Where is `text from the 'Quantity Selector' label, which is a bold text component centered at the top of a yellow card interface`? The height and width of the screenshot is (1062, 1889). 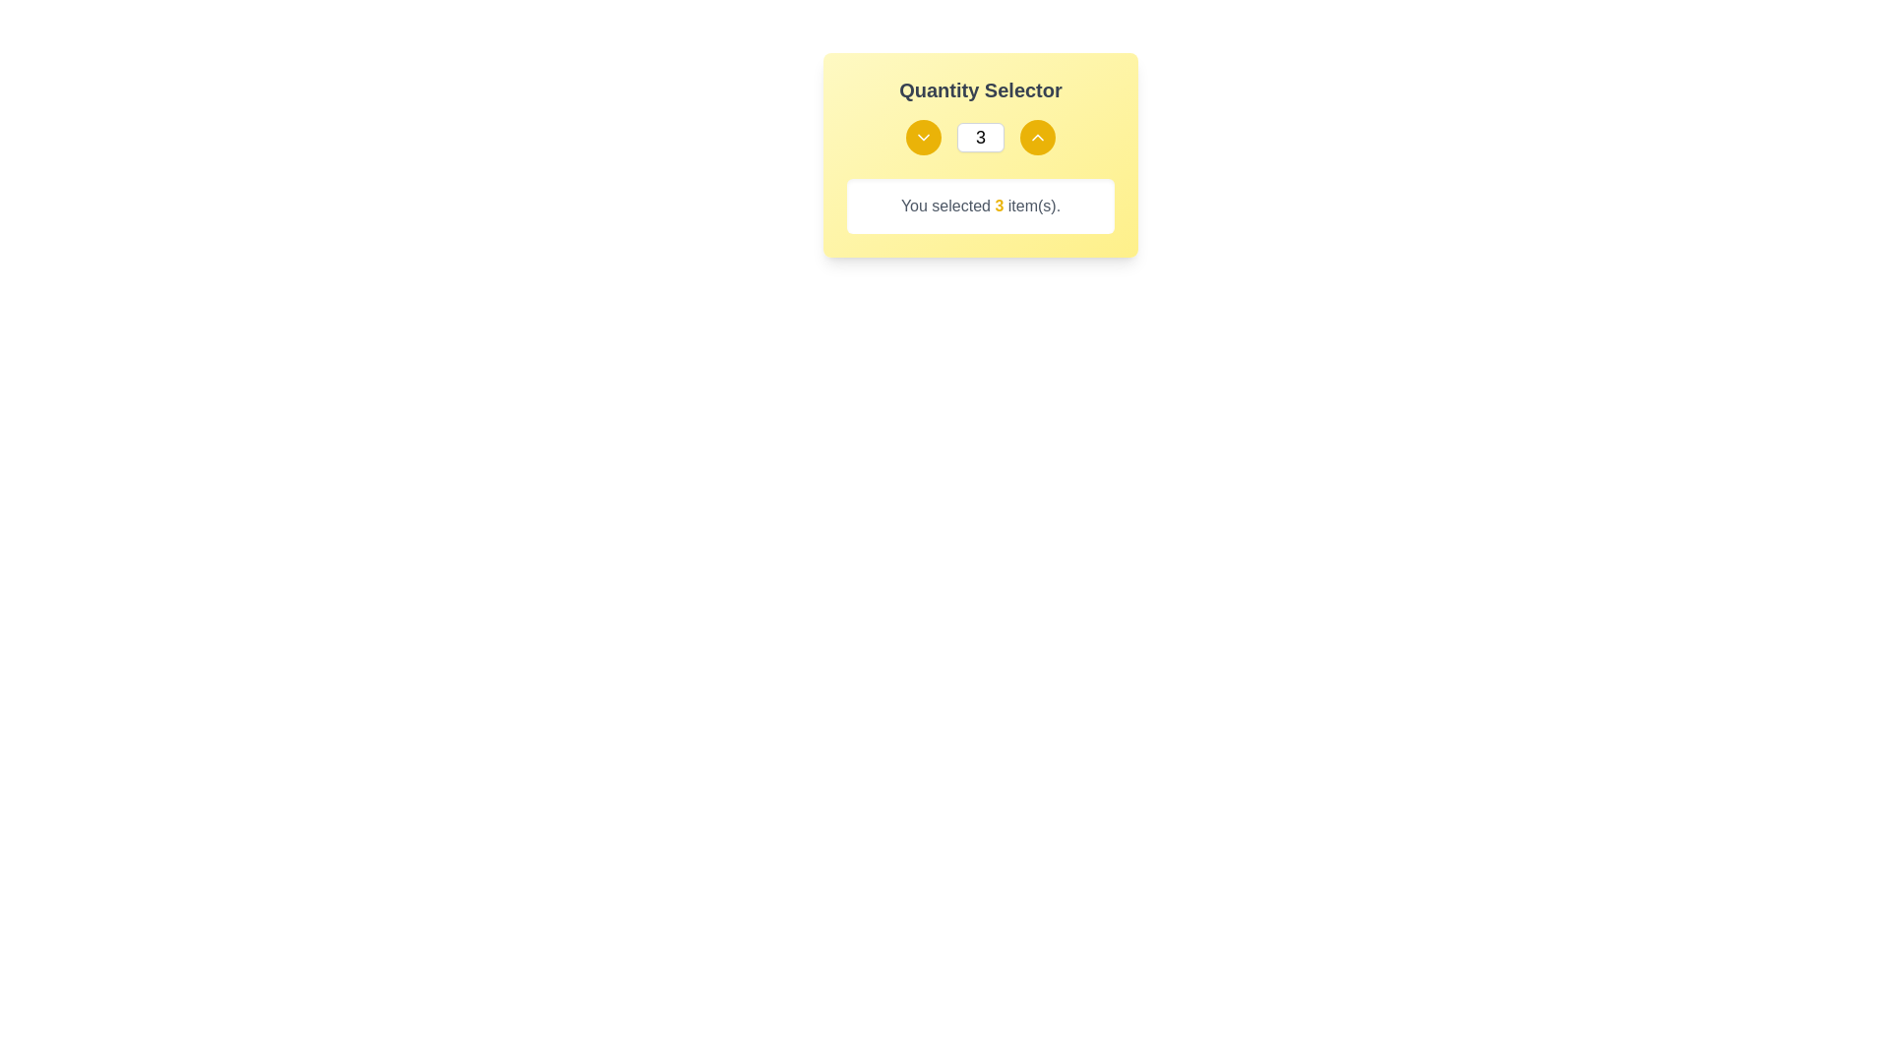 text from the 'Quantity Selector' label, which is a bold text component centered at the top of a yellow card interface is located at coordinates (981, 90).